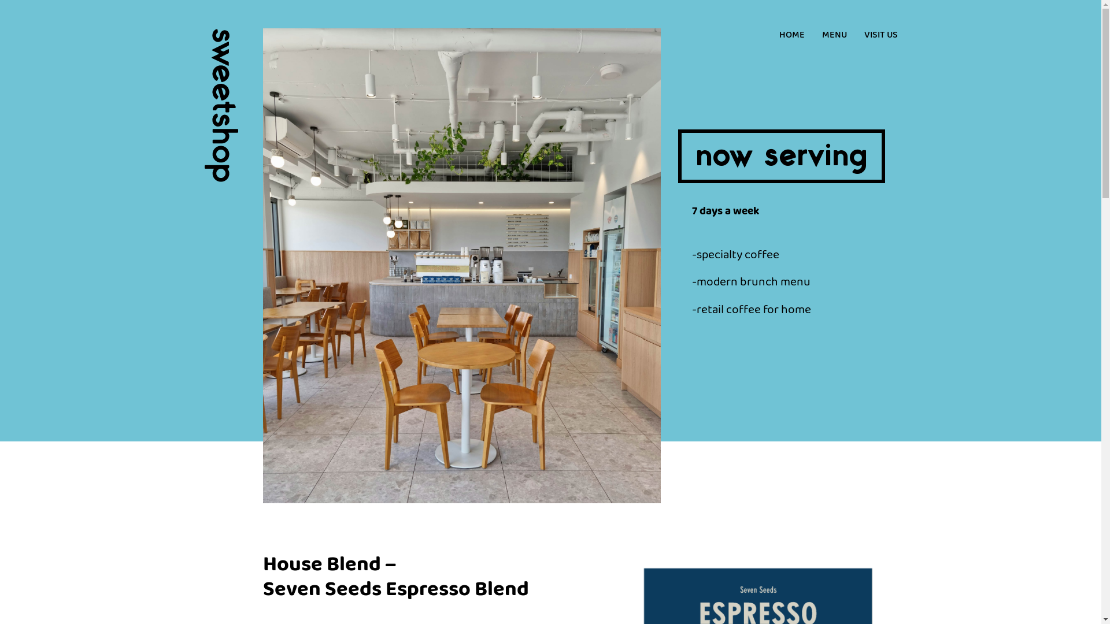 This screenshot has height=624, width=1110. What do you see at coordinates (834, 35) in the screenshot?
I see `'MENU'` at bounding box center [834, 35].